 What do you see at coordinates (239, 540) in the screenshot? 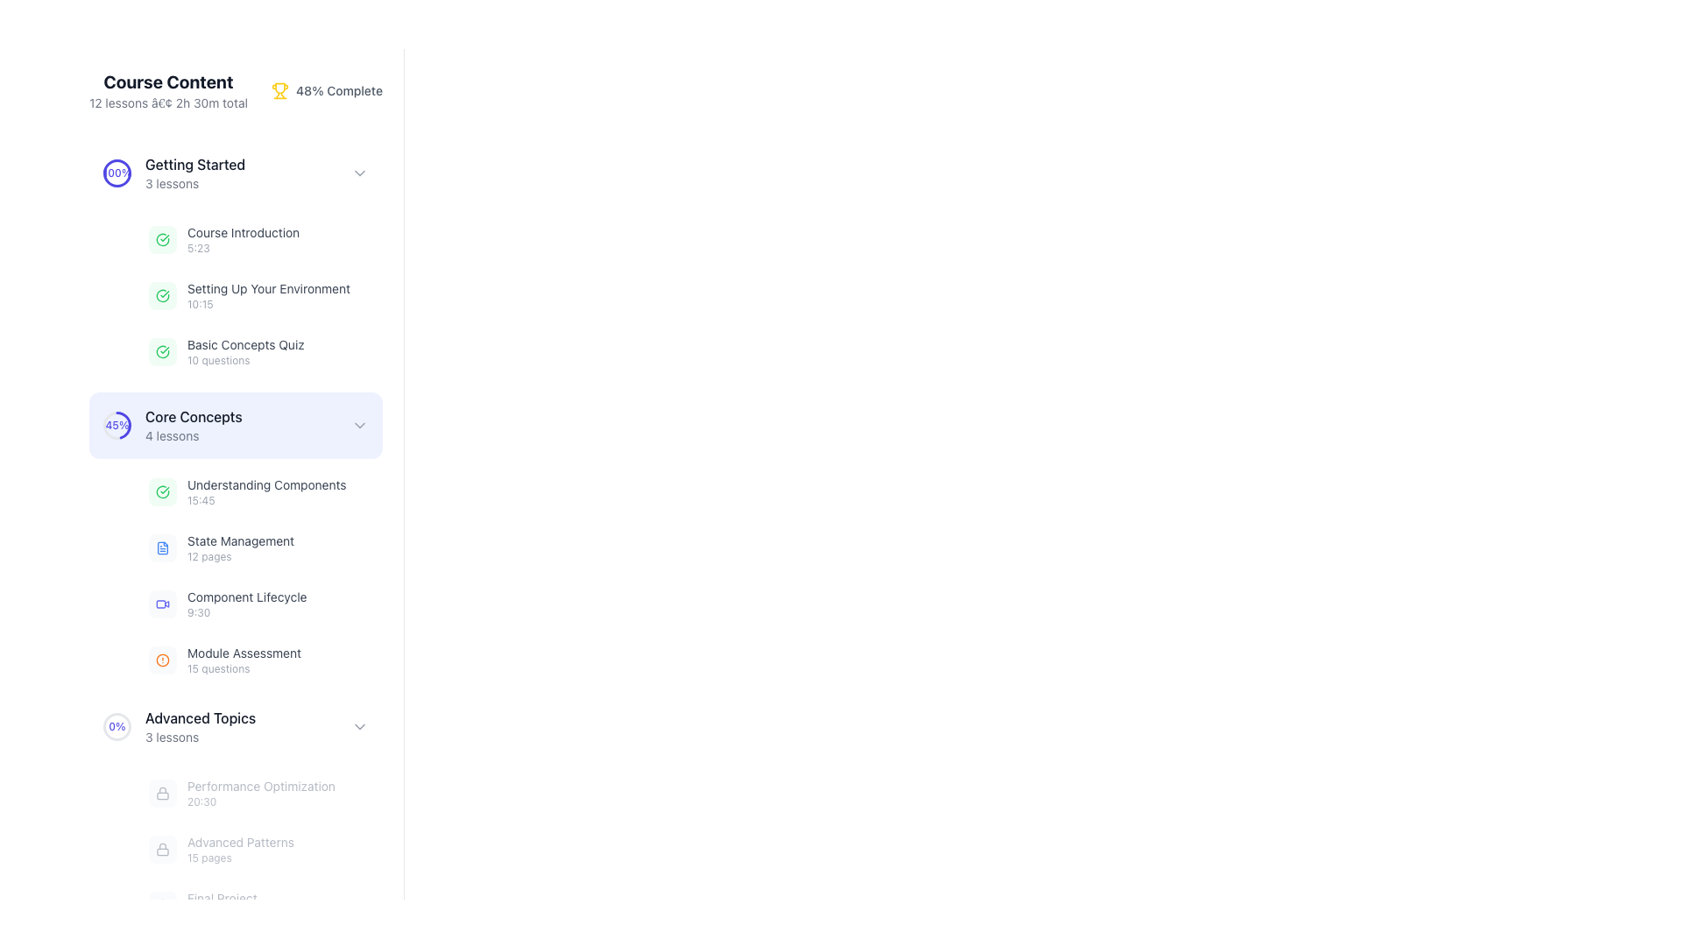
I see `the text label for the course lesson titled 'State Management', located as the second main item under the 'Core Concepts' section` at bounding box center [239, 540].